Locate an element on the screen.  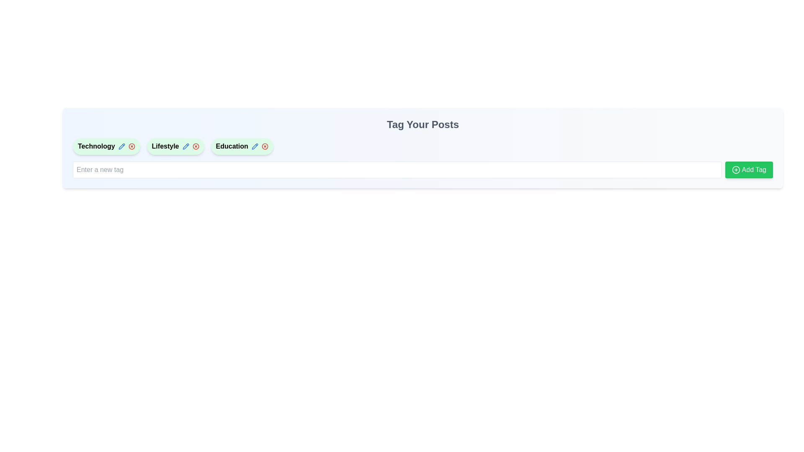
the static text label displaying the word 'Technology', which is styled with a bold font and a light green pill-shaped background, located under the title 'Tag Your Posts' is located at coordinates (96, 146).